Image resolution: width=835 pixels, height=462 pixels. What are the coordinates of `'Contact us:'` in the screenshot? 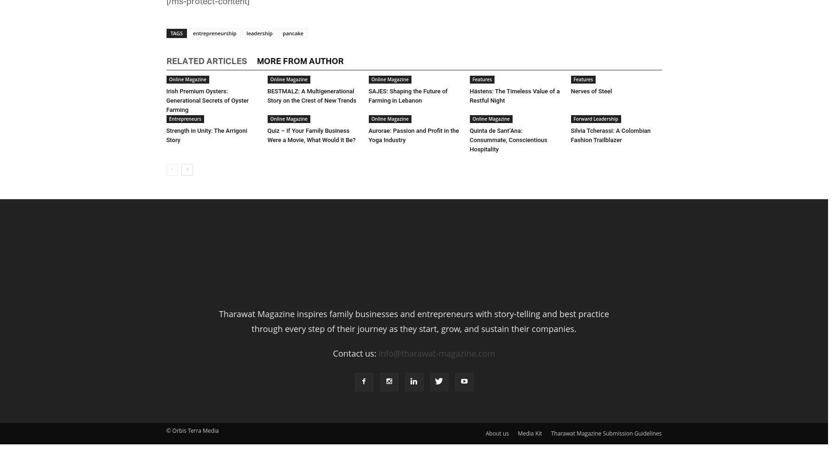 It's located at (355, 352).